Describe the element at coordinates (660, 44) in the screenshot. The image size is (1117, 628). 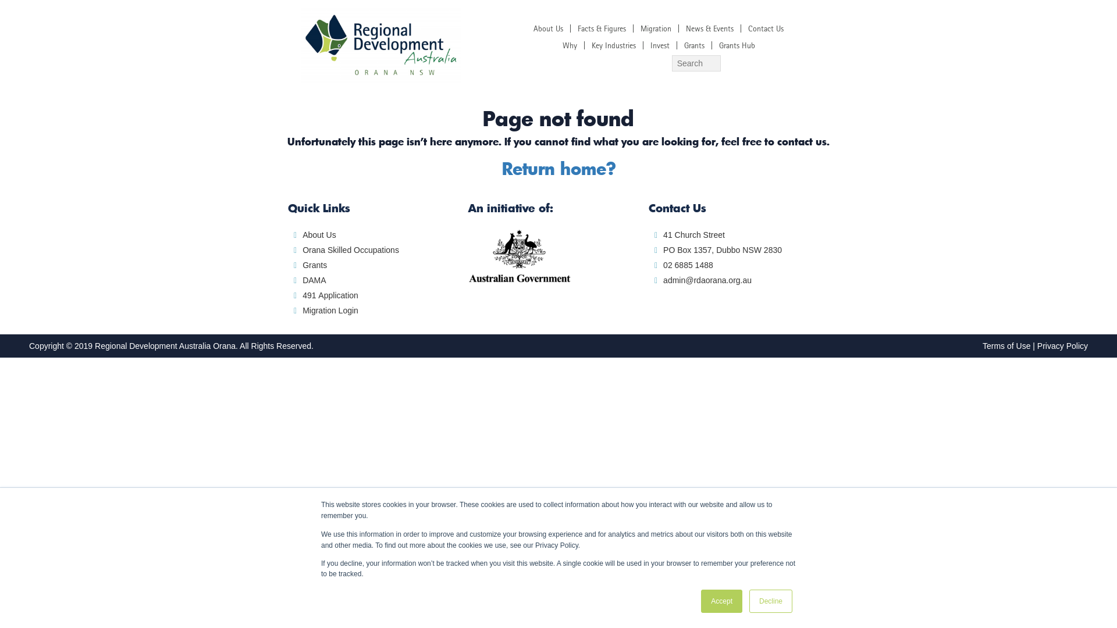
I see `'Invest'` at that location.